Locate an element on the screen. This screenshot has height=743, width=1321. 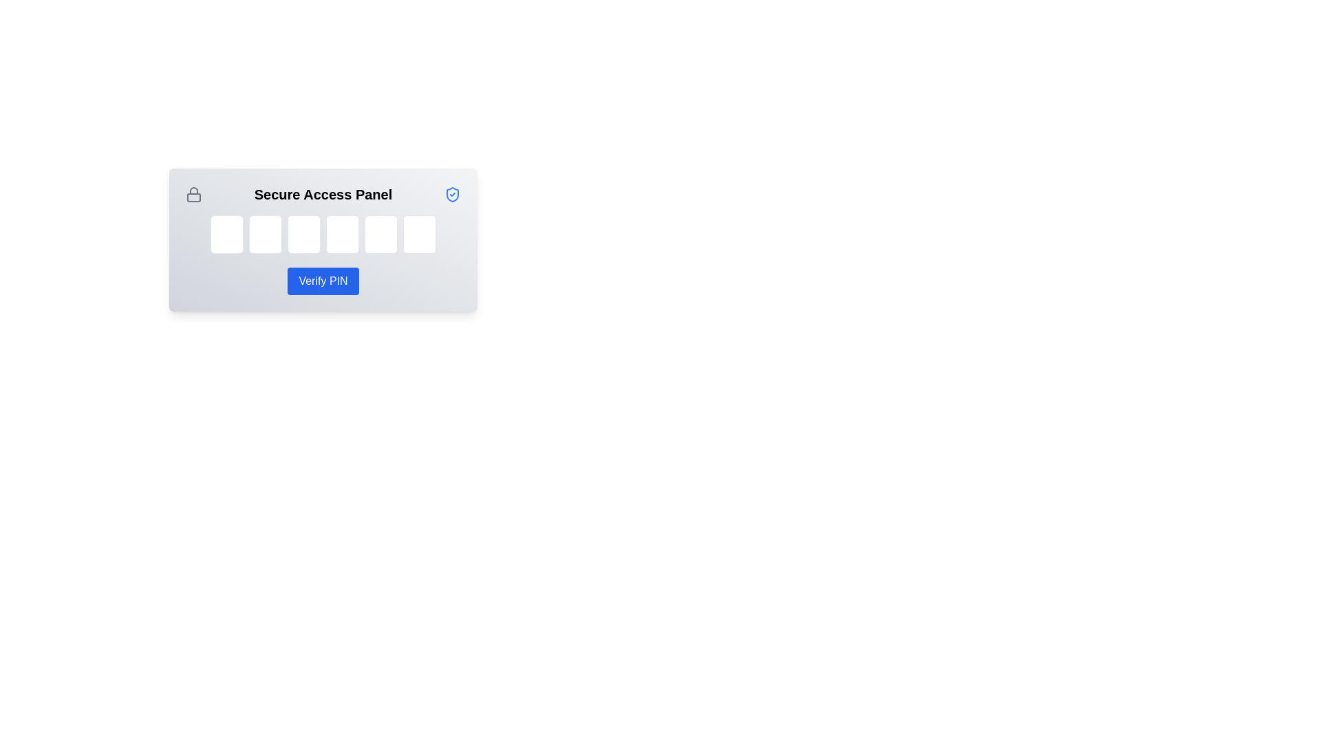
the 'Verify PIN' button located in the 'Secure Access Panel' is located at coordinates (323, 280).